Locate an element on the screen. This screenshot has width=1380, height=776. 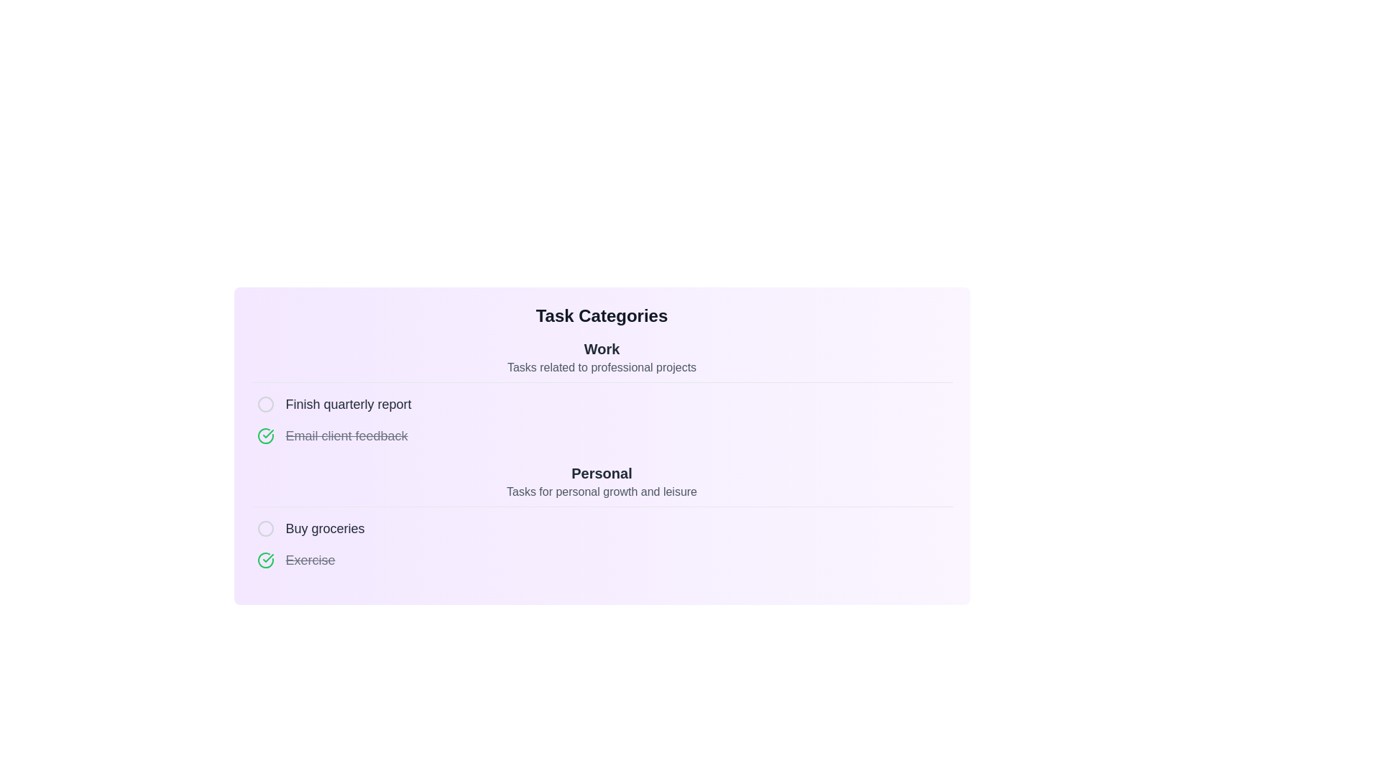
the green checkmark icon within the SVG graphic that indicates a completed task, located next to the text 'Exercise' in the 'Personal' task category section is located at coordinates (268, 433).